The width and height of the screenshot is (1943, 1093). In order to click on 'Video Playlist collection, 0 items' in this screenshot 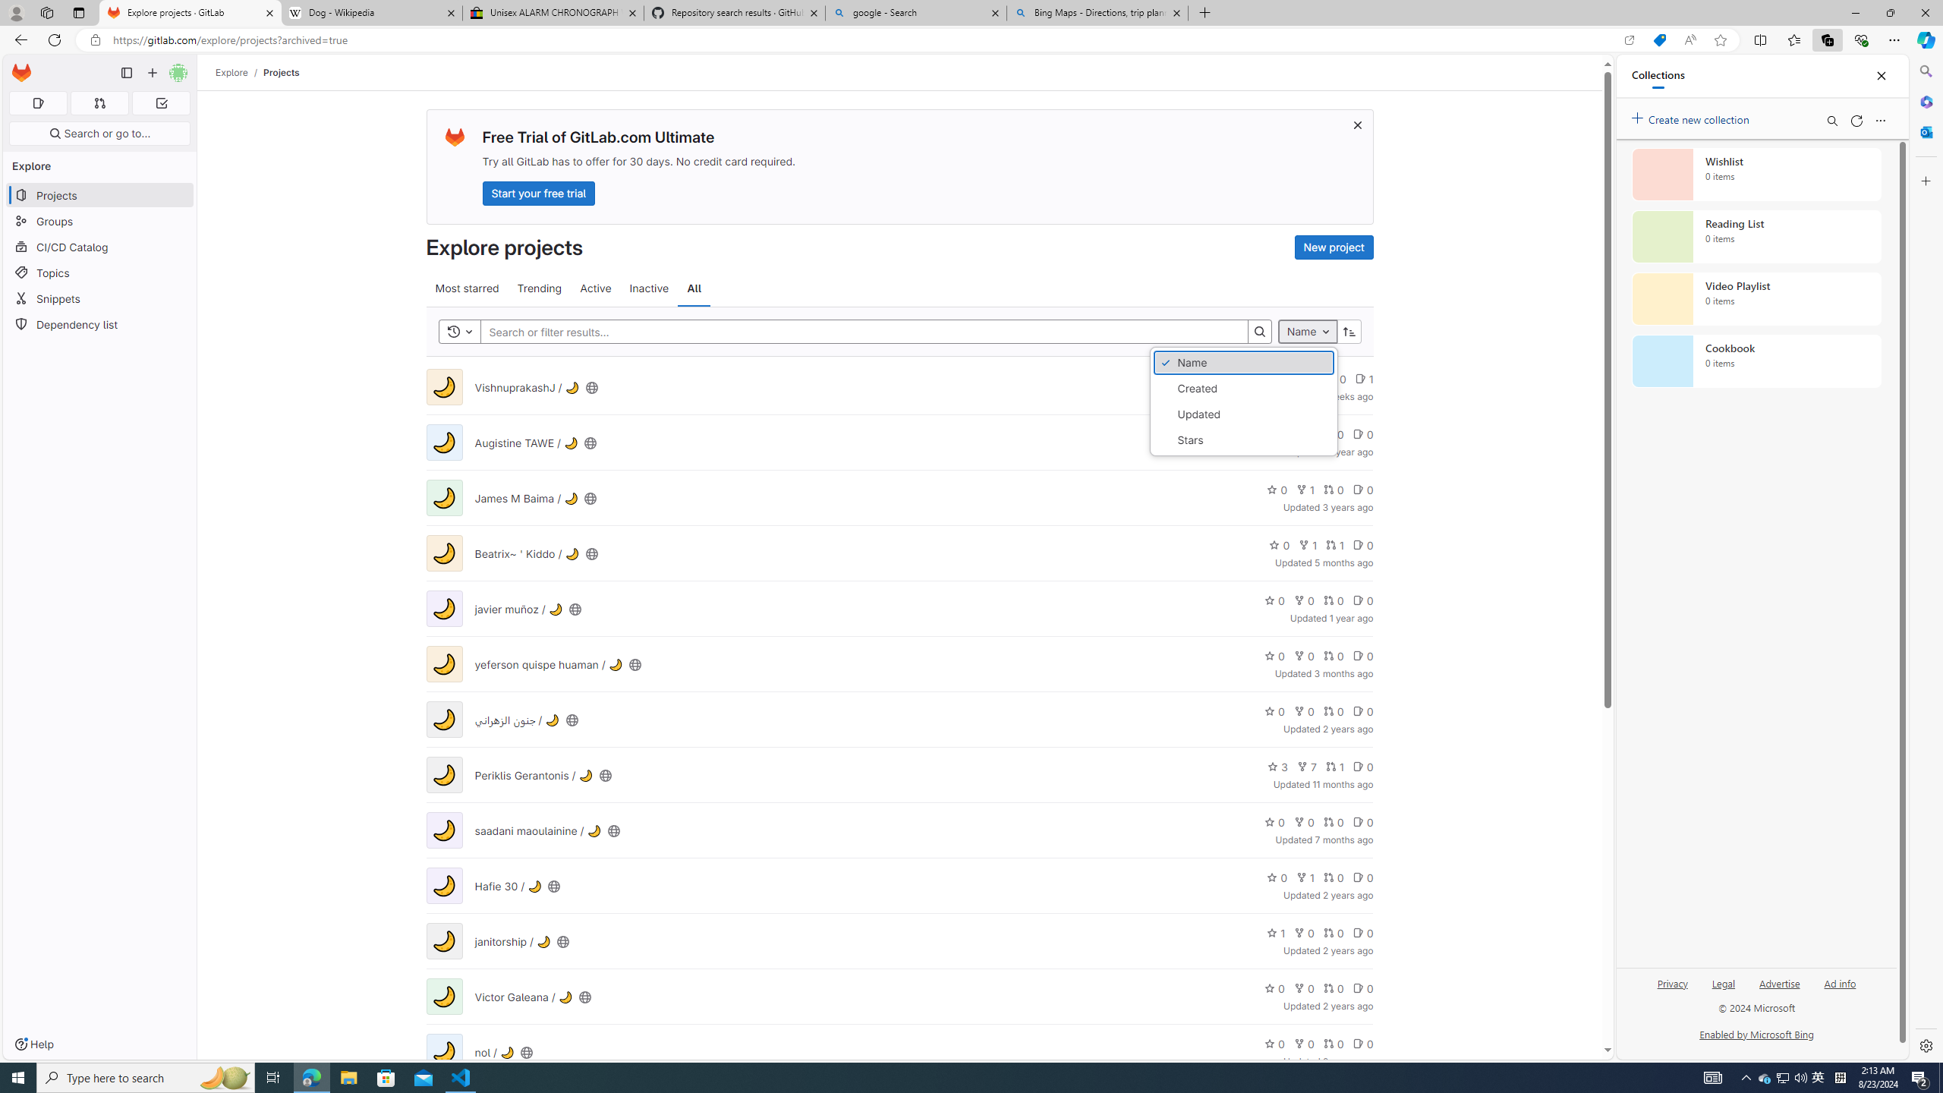, I will do `click(1756, 298)`.